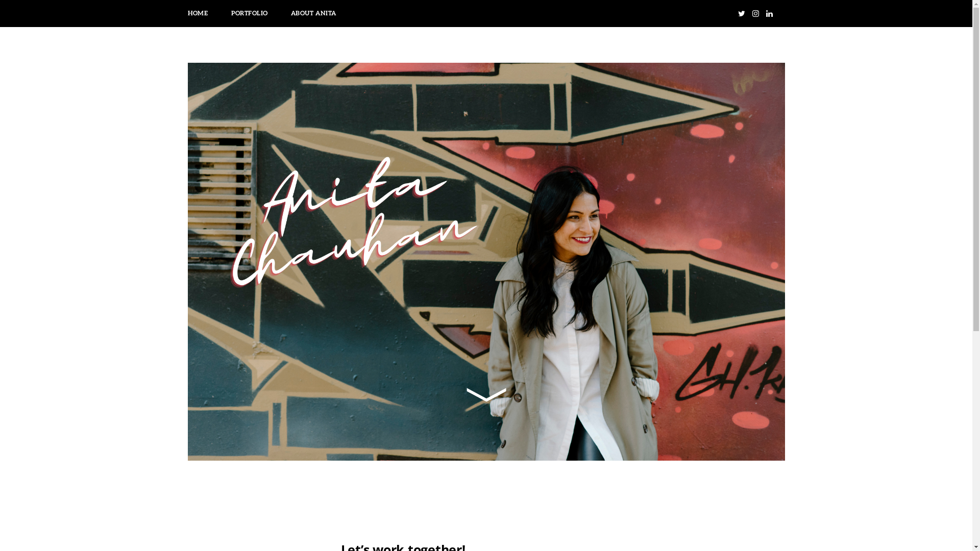  I want to click on 'PORTFOLIO', so click(250, 13).